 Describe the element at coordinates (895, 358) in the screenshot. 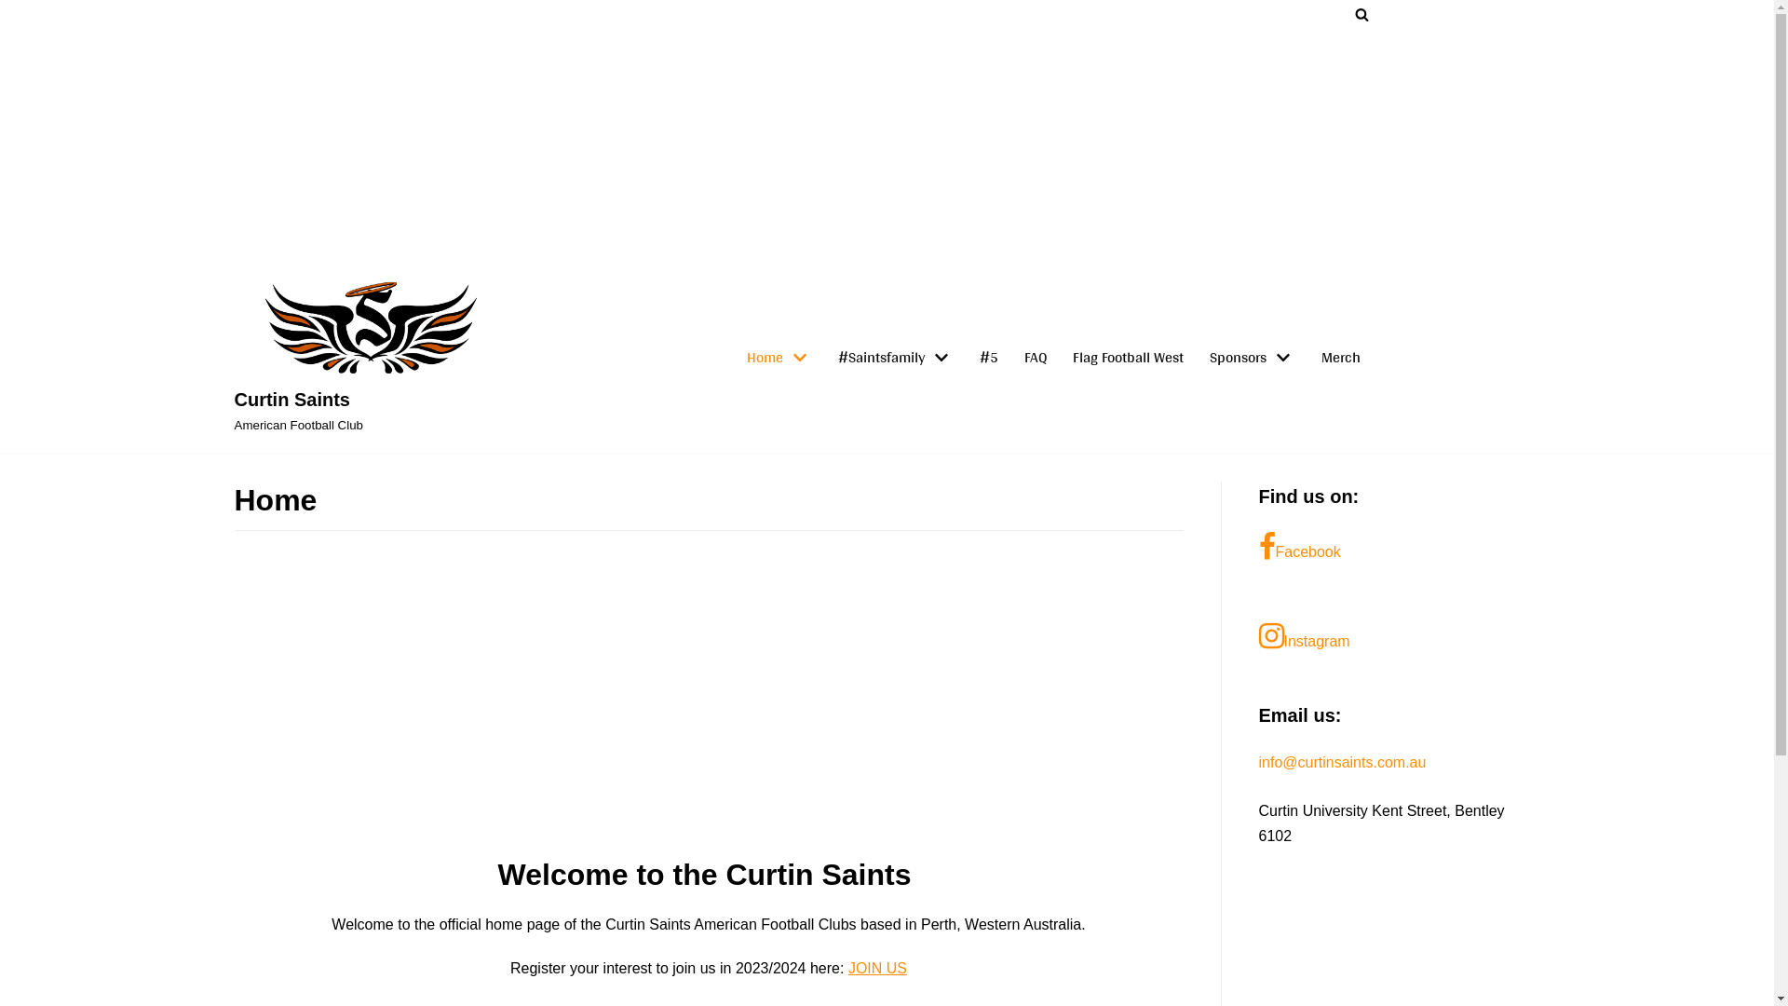

I see `'#Saintsfamily'` at that location.